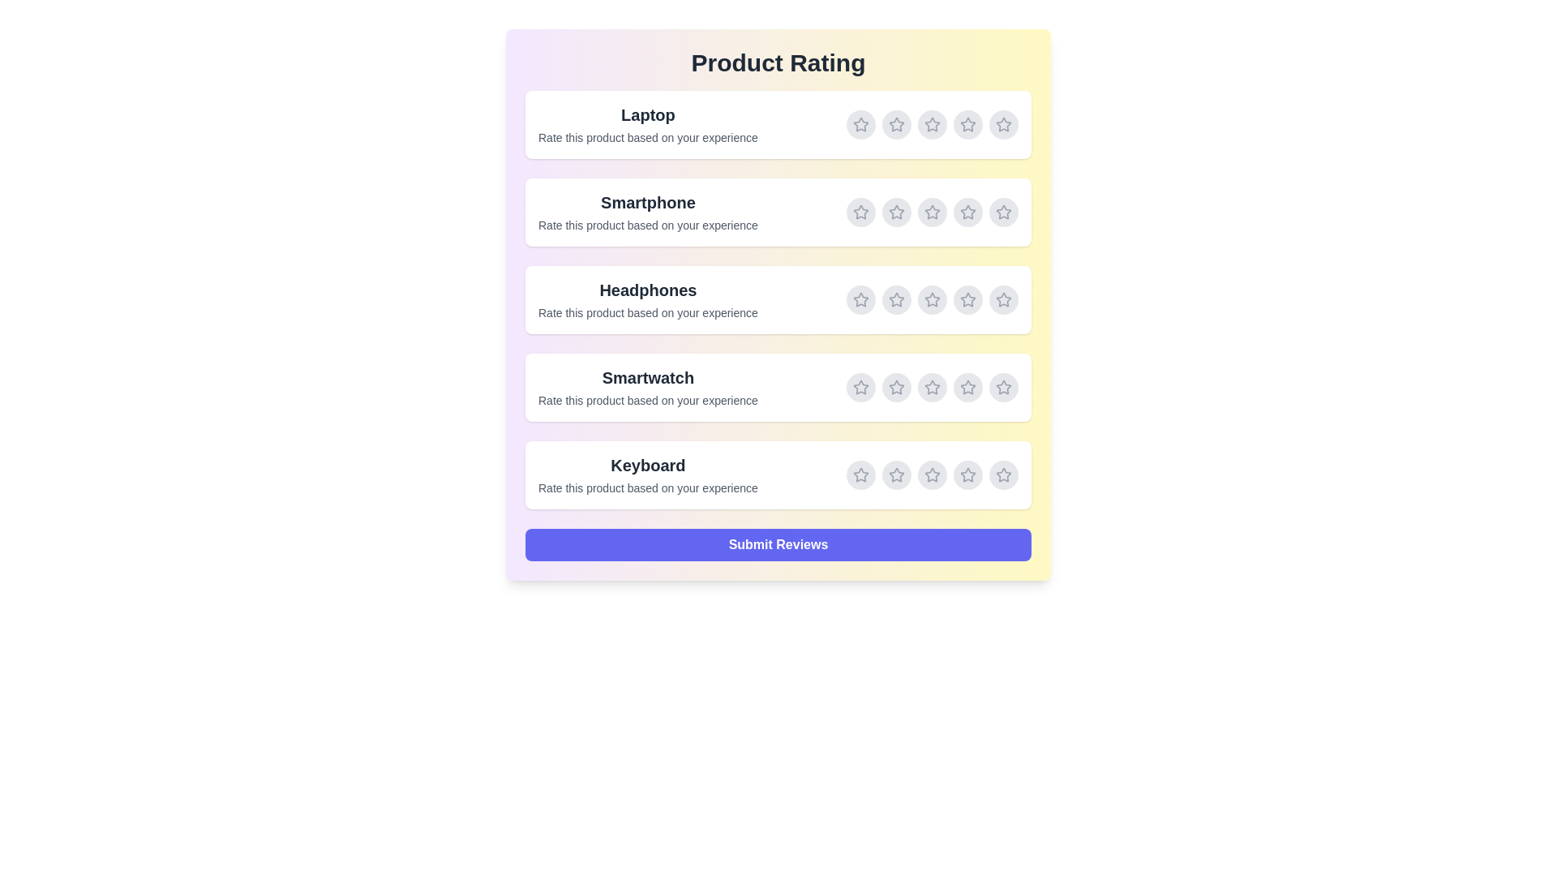  Describe the element at coordinates (1003, 388) in the screenshot. I see `the rating for Smartwatch to 5 stars` at that location.